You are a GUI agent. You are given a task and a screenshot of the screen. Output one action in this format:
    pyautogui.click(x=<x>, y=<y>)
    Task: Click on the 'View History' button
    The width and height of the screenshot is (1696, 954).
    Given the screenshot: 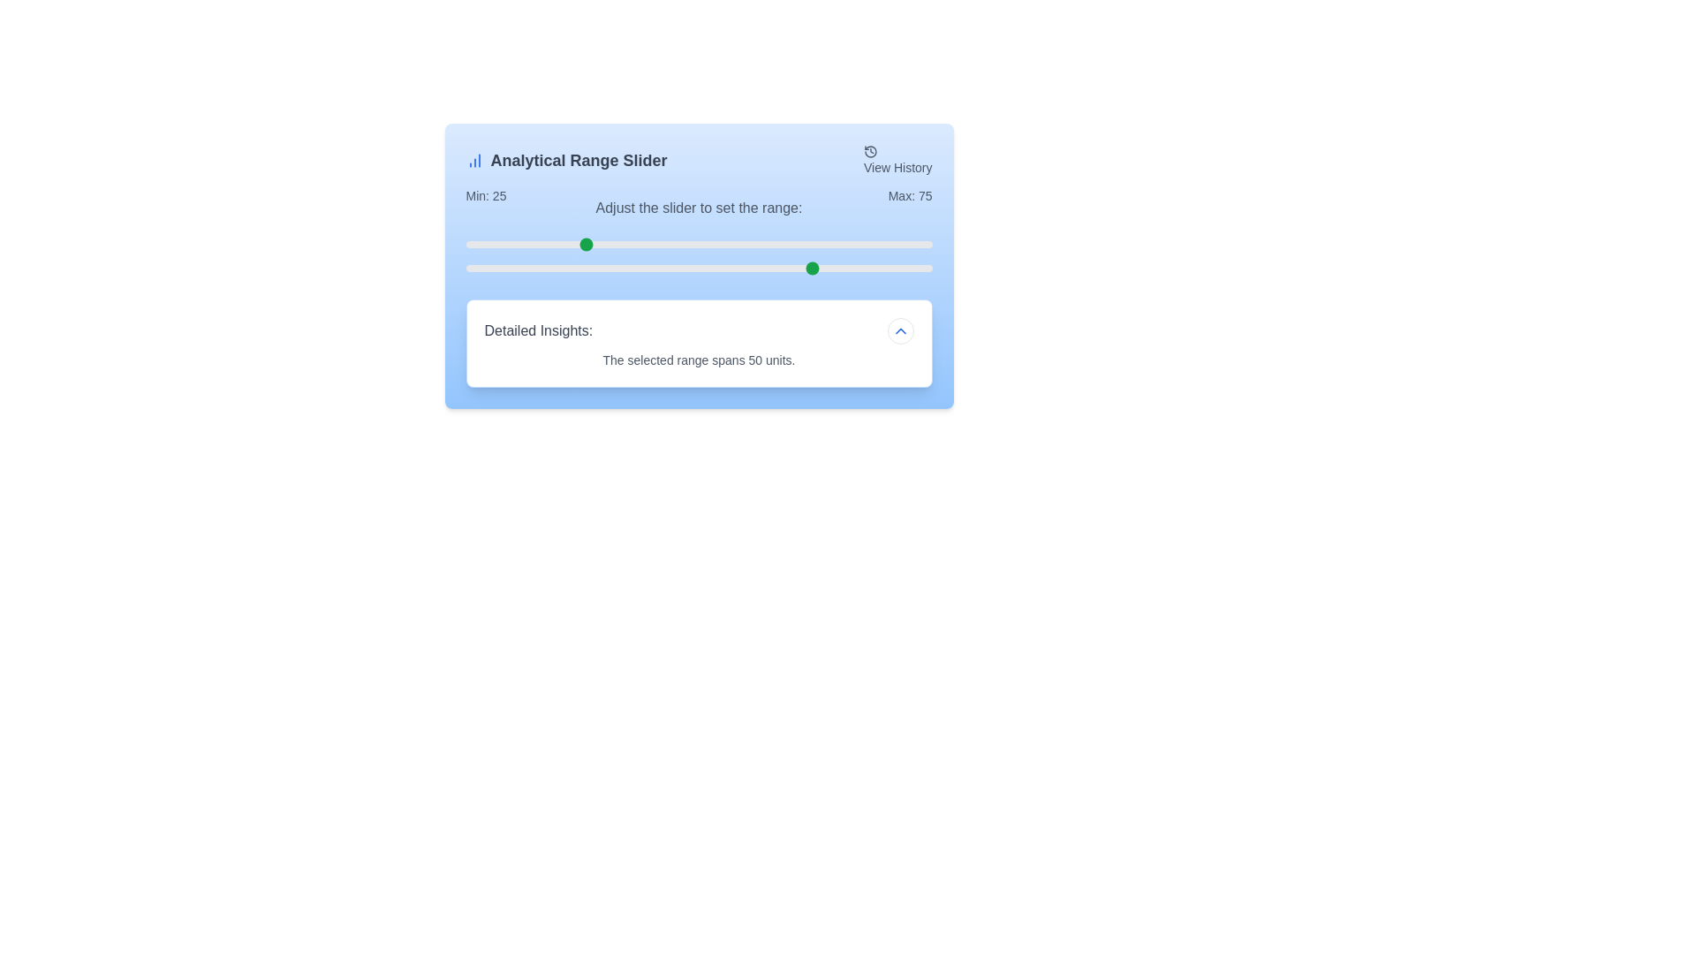 What is the action you would take?
    pyautogui.click(x=897, y=160)
    